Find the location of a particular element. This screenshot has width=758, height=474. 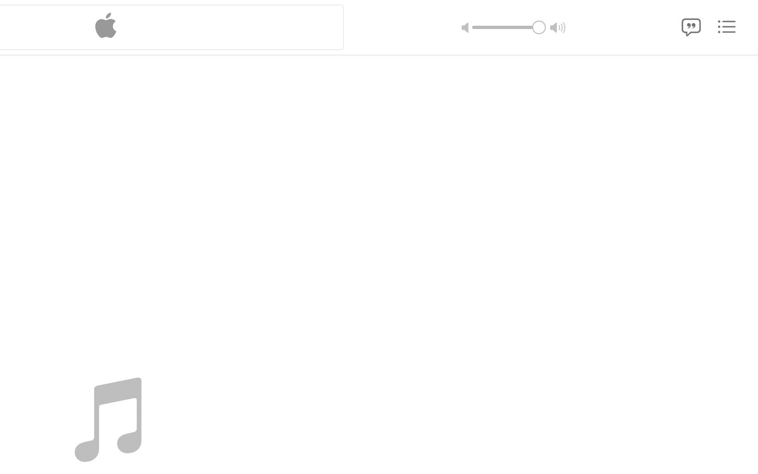

'1.0' is located at coordinates (507, 26).